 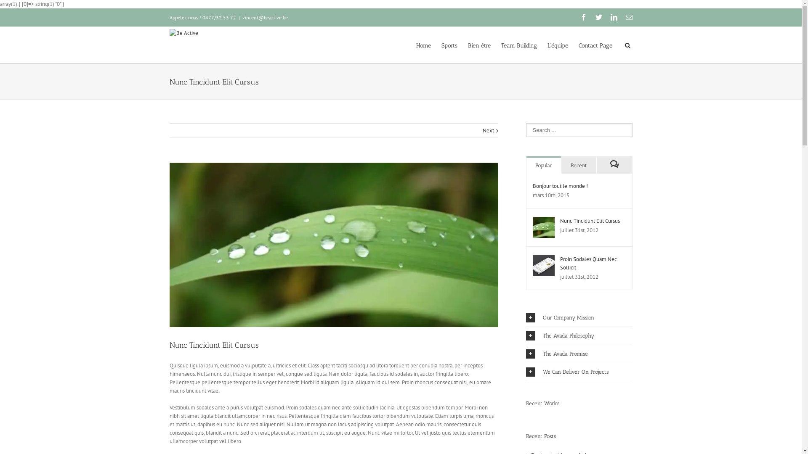 I want to click on 'Proin Sodales Quam Nec Sollicit', so click(x=587, y=263).